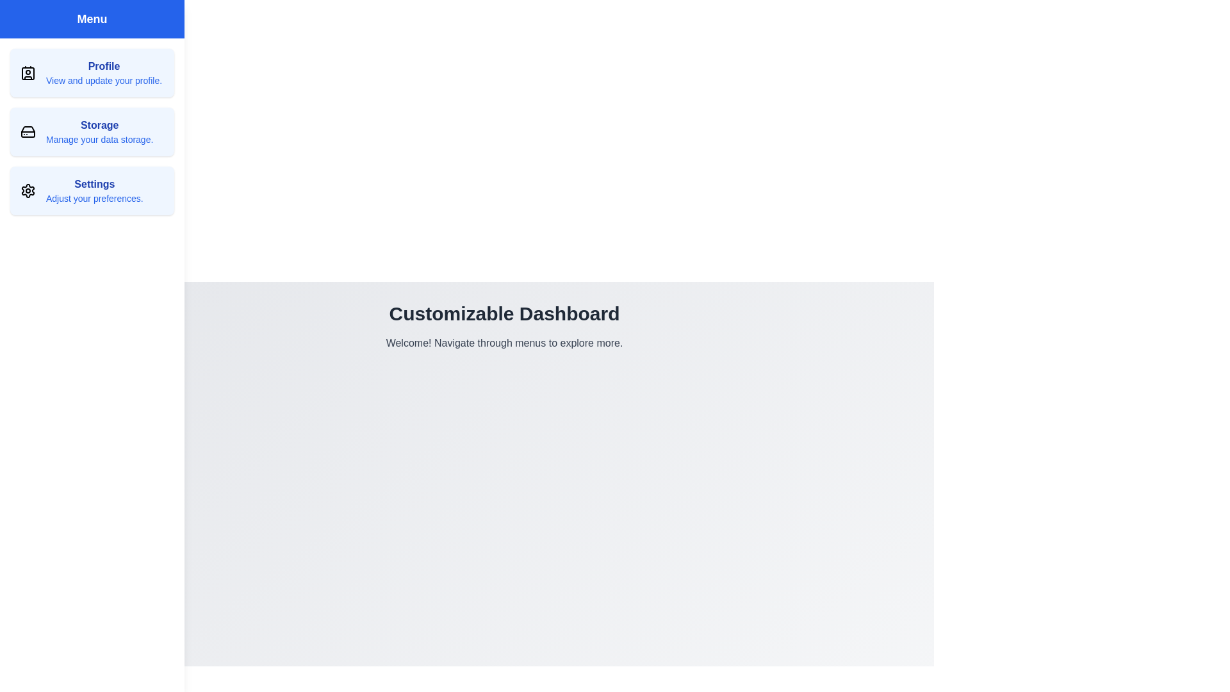 The height and width of the screenshot is (692, 1230). What do you see at coordinates (92, 190) in the screenshot?
I see `the 'Settings' menu item` at bounding box center [92, 190].